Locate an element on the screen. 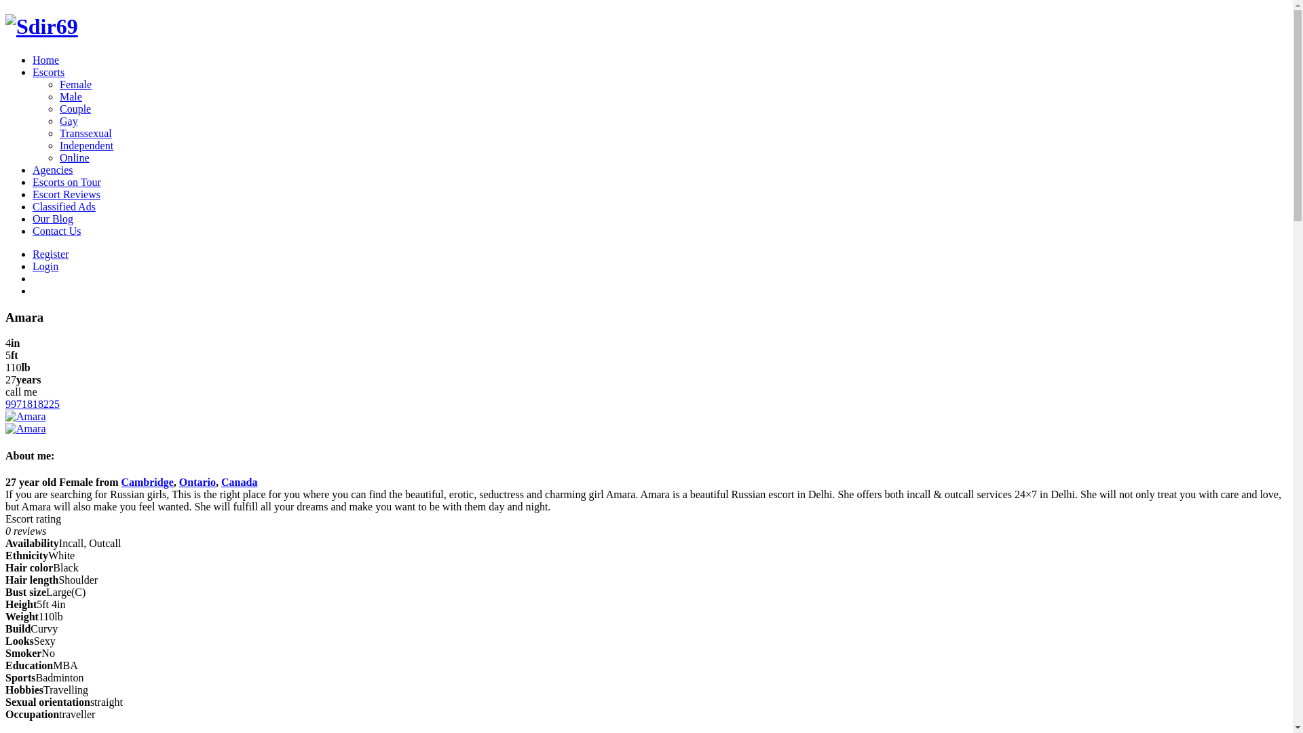 The height and width of the screenshot is (733, 1303). 'Couple' is located at coordinates (74, 108).